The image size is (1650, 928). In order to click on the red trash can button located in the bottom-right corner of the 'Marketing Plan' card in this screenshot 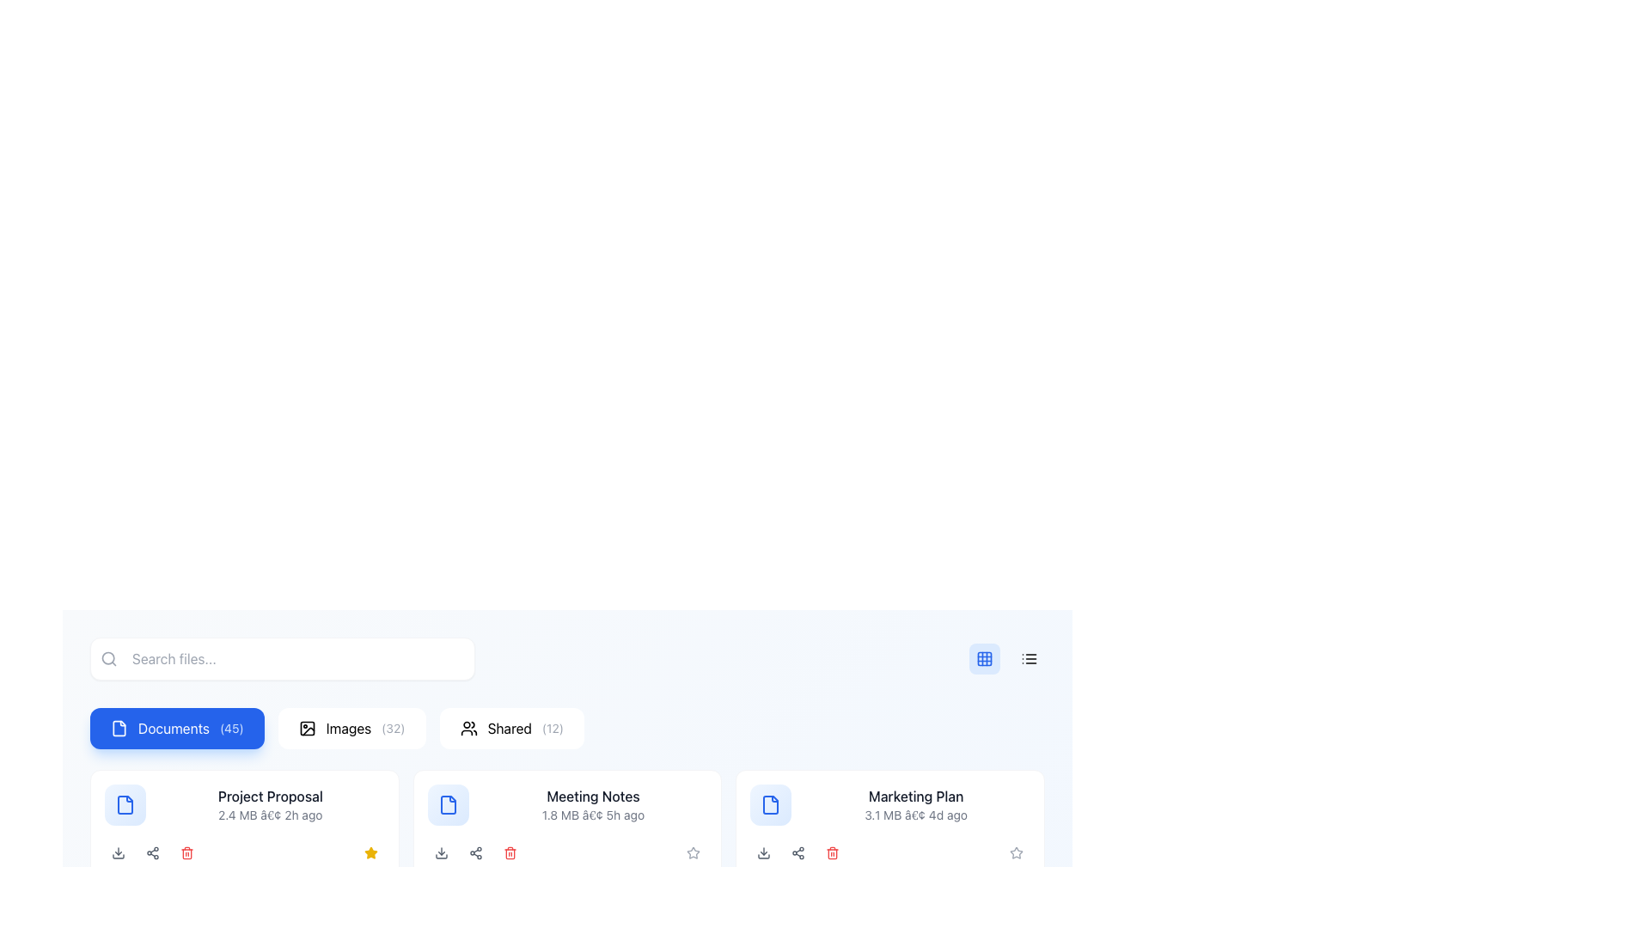, I will do `click(833, 852)`.